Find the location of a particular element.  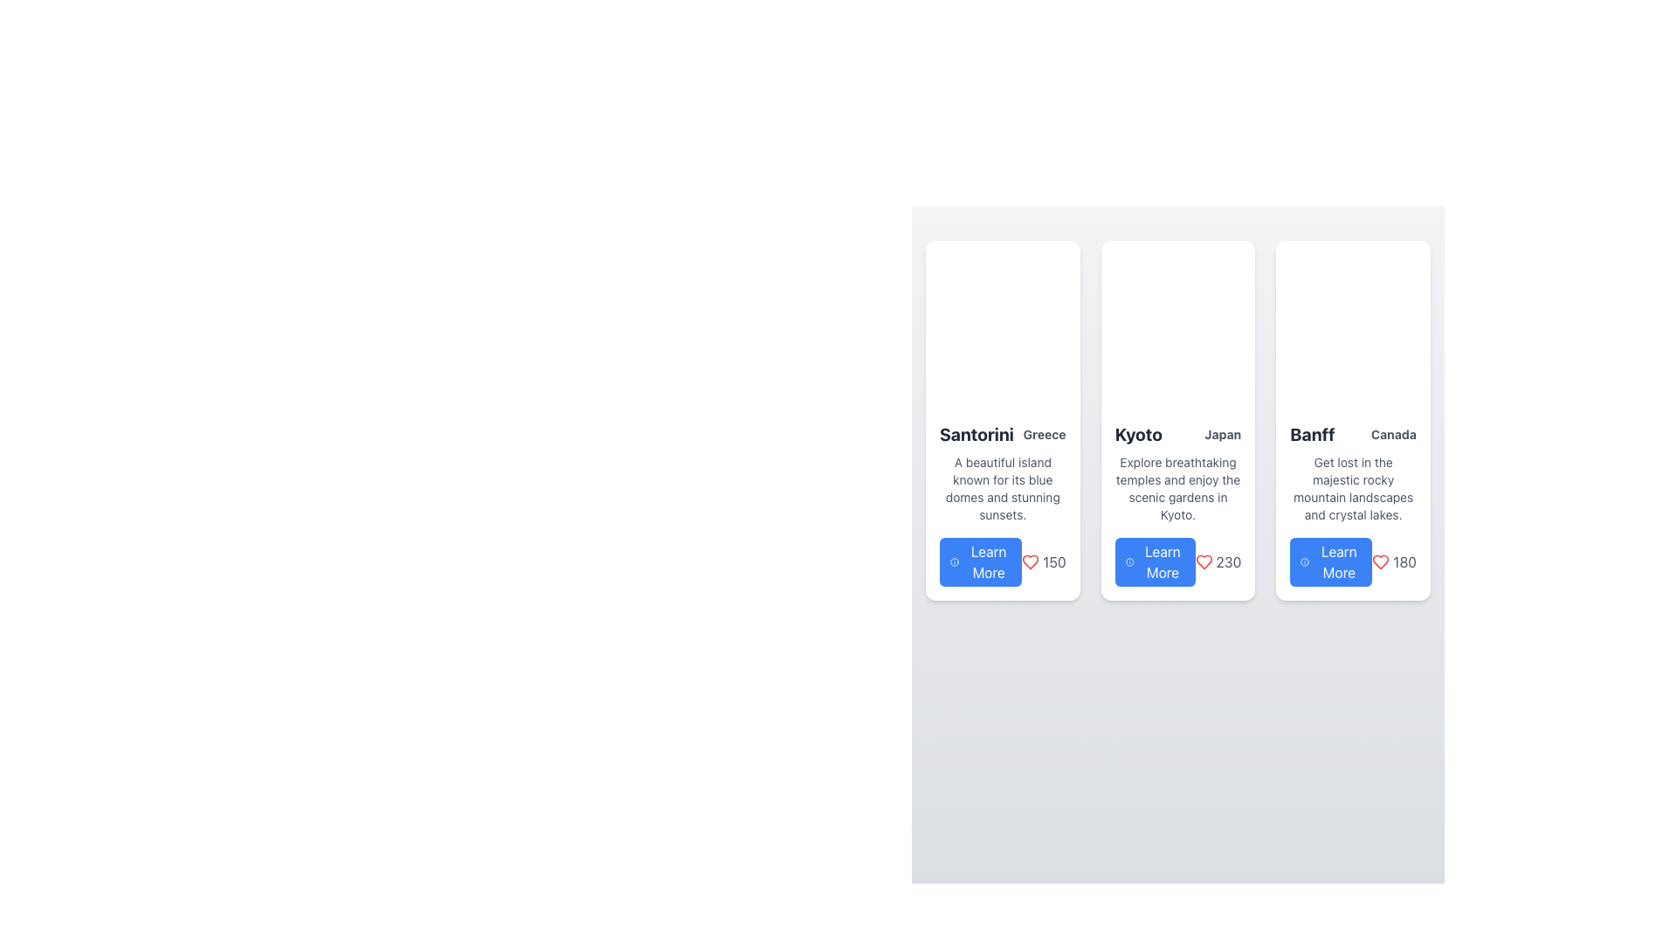

the 'Learn More' button located at the bottom of the third card in a four-card layout, which has a blue background and features white text is located at coordinates (1330, 562).